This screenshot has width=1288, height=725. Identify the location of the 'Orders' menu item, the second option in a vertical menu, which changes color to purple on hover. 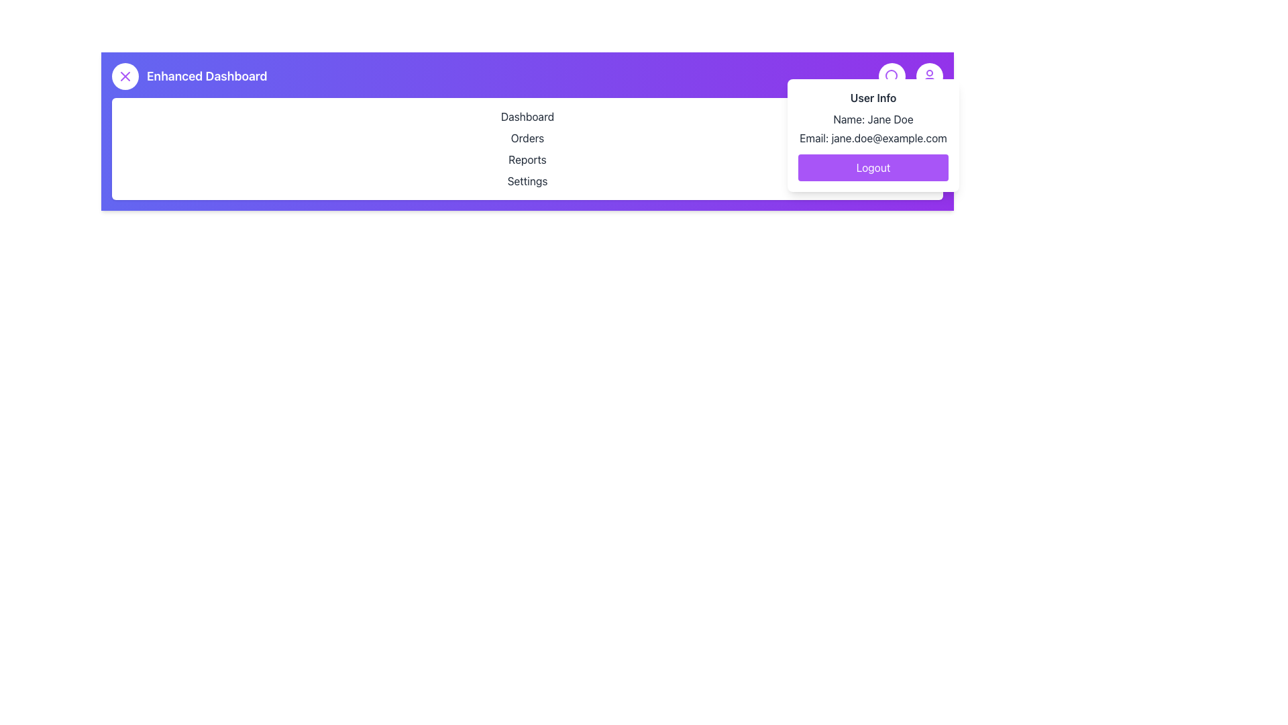
(527, 138).